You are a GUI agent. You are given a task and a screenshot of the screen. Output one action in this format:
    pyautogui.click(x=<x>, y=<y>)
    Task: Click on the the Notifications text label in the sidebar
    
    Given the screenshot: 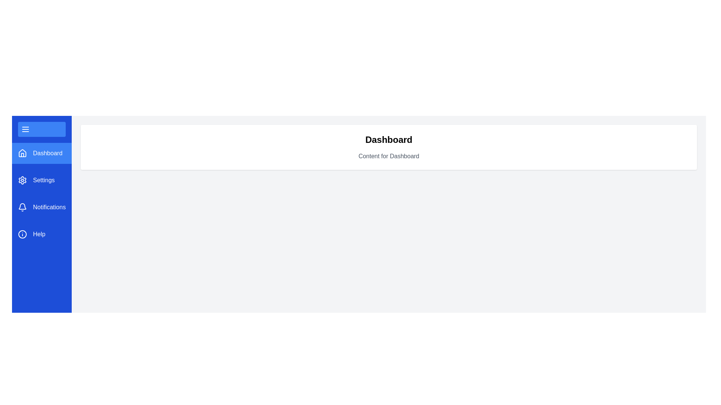 What is the action you would take?
    pyautogui.click(x=49, y=207)
    